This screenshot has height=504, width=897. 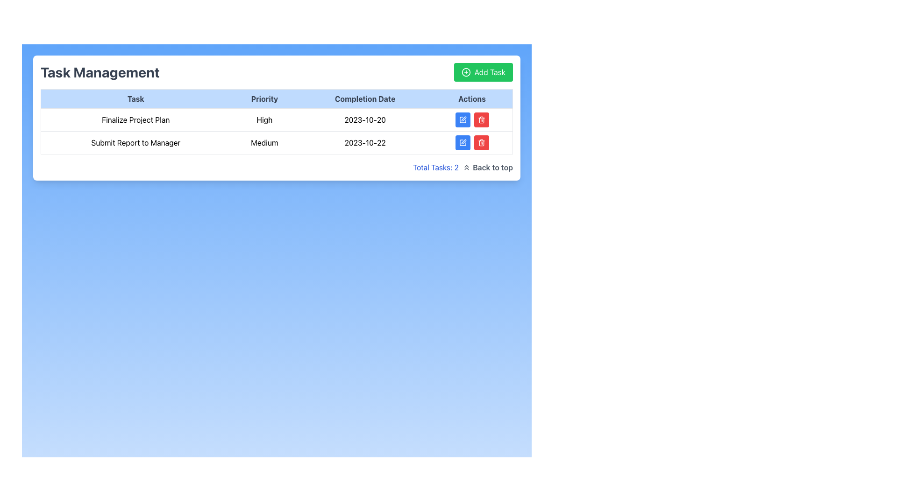 What do you see at coordinates (463, 142) in the screenshot?
I see `the pen icon button located in the Actions column of the second row in the task table` at bounding box center [463, 142].